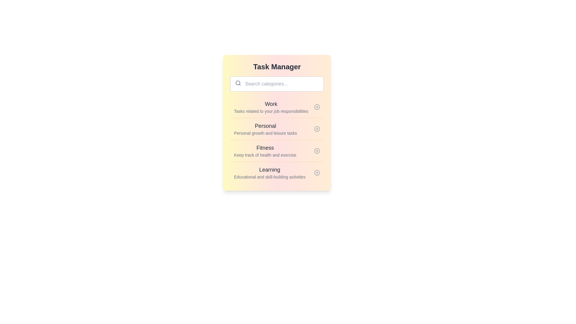 The height and width of the screenshot is (324, 576). I want to click on the static text label that elaborates on the 'Work' category, located directly beneath the 'Work' heading in the main content area, so click(271, 111).